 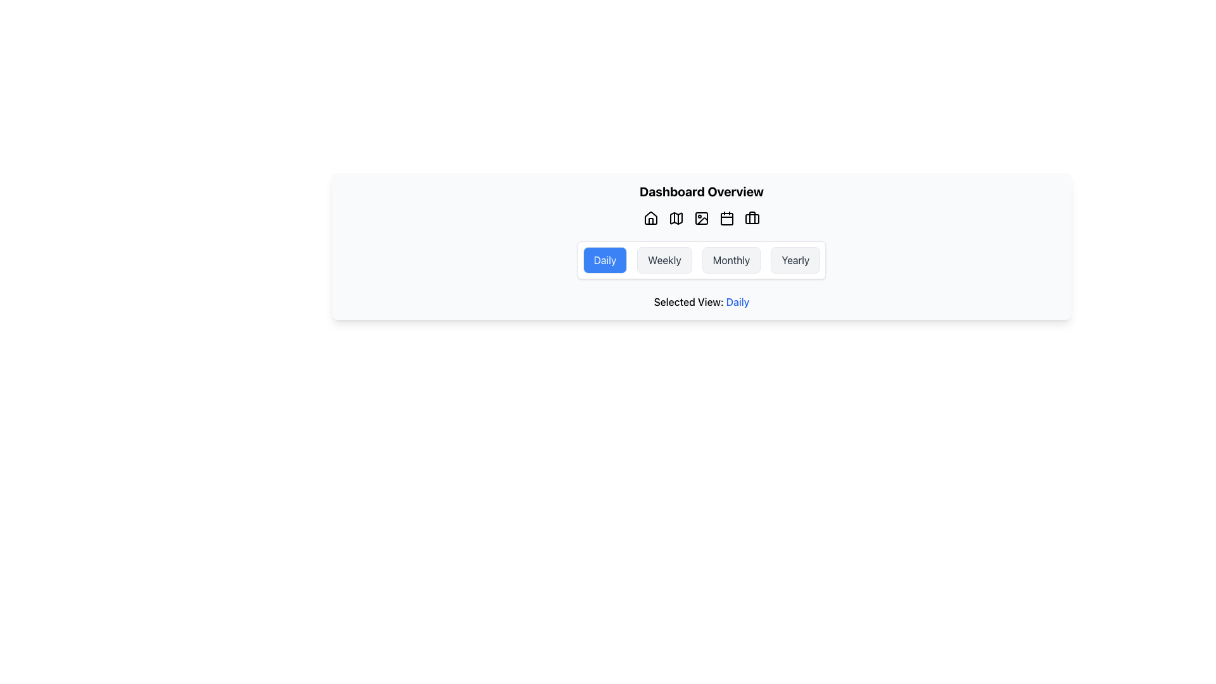 I want to click on the calendar icon, which is the fifth icon from the left beneath the 'Dashboard Overview' heading, so click(x=726, y=218).